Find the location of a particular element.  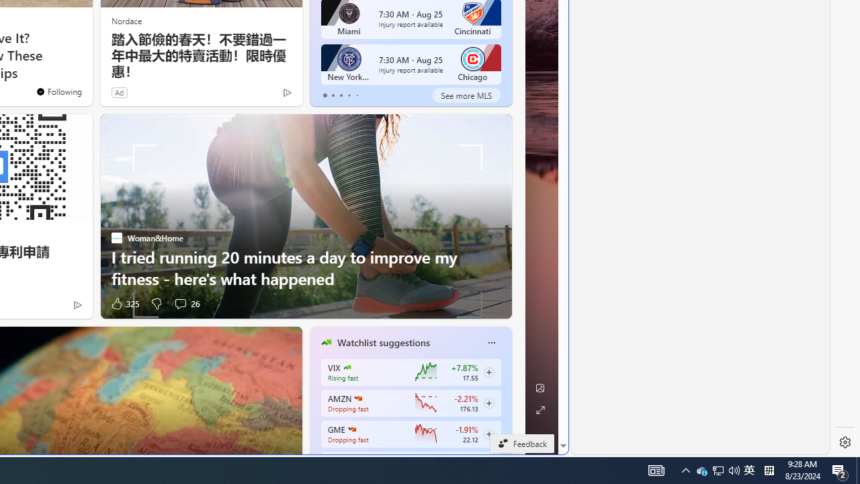

'AMAZON.COM, INC.' is located at coordinates (357, 397).